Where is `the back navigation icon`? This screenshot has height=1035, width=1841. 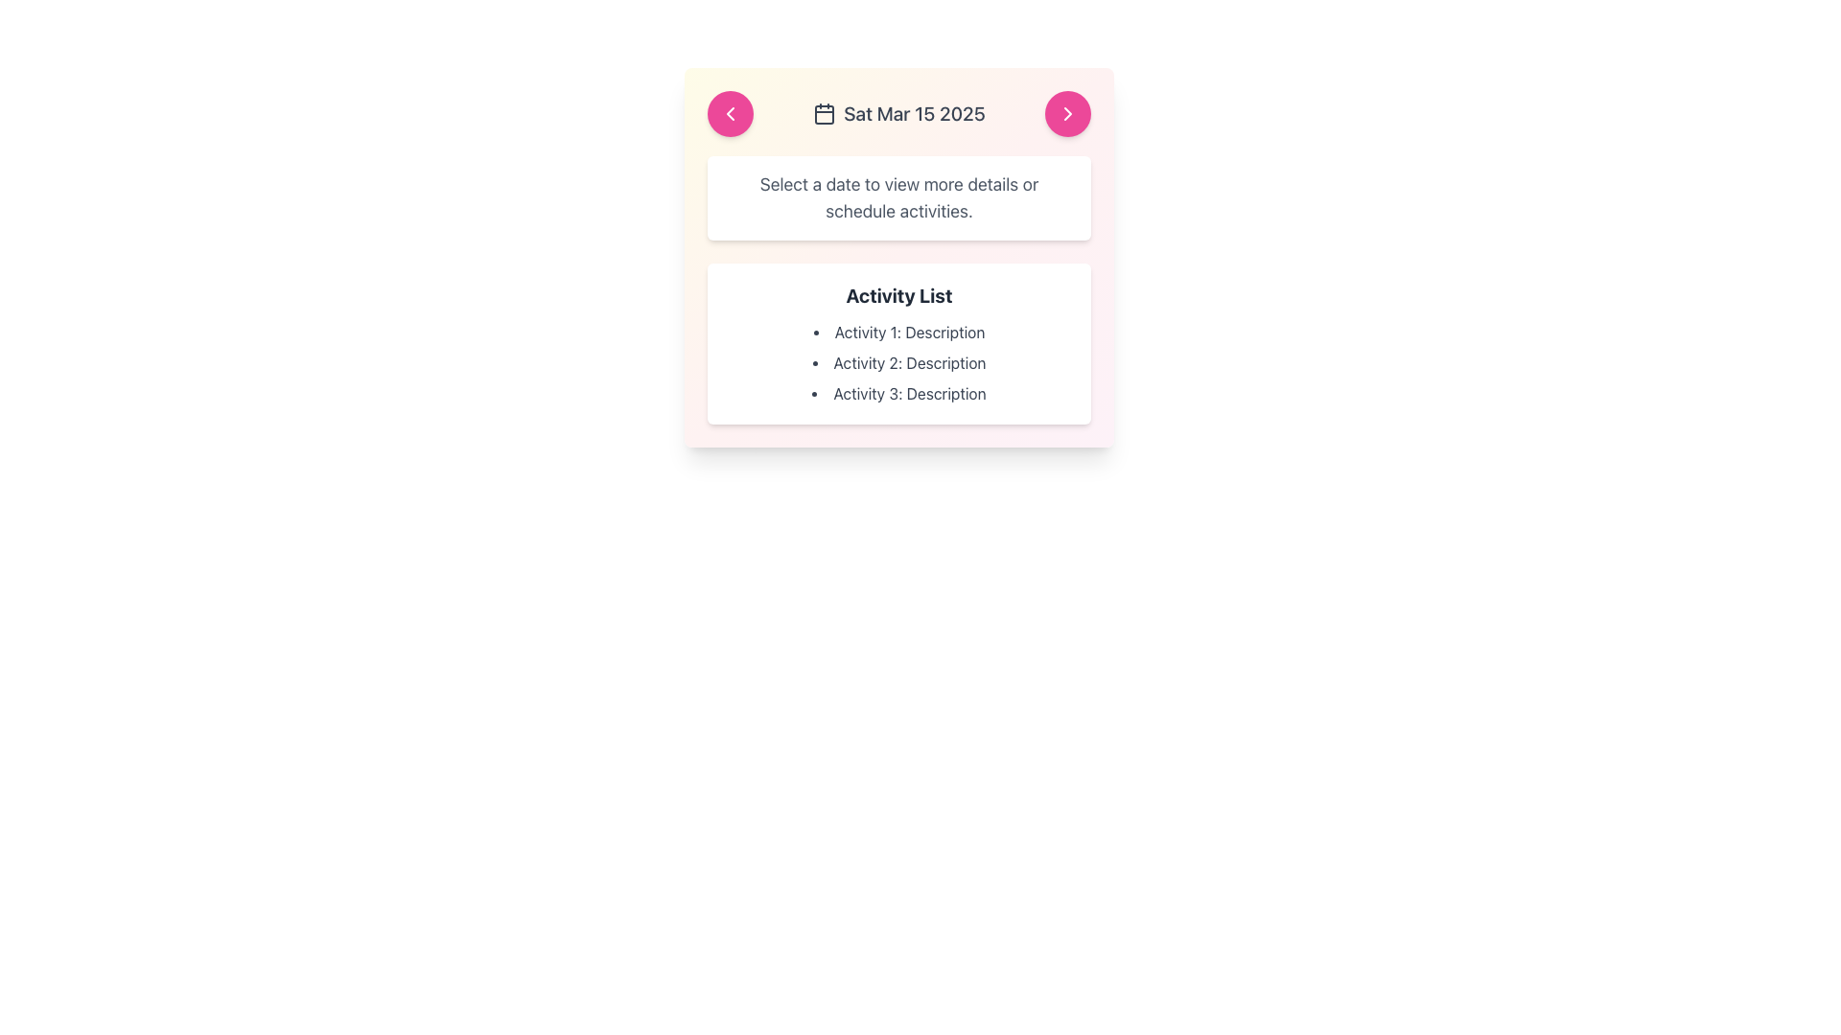 the back navigation icon is located at coordinates (730, 114).